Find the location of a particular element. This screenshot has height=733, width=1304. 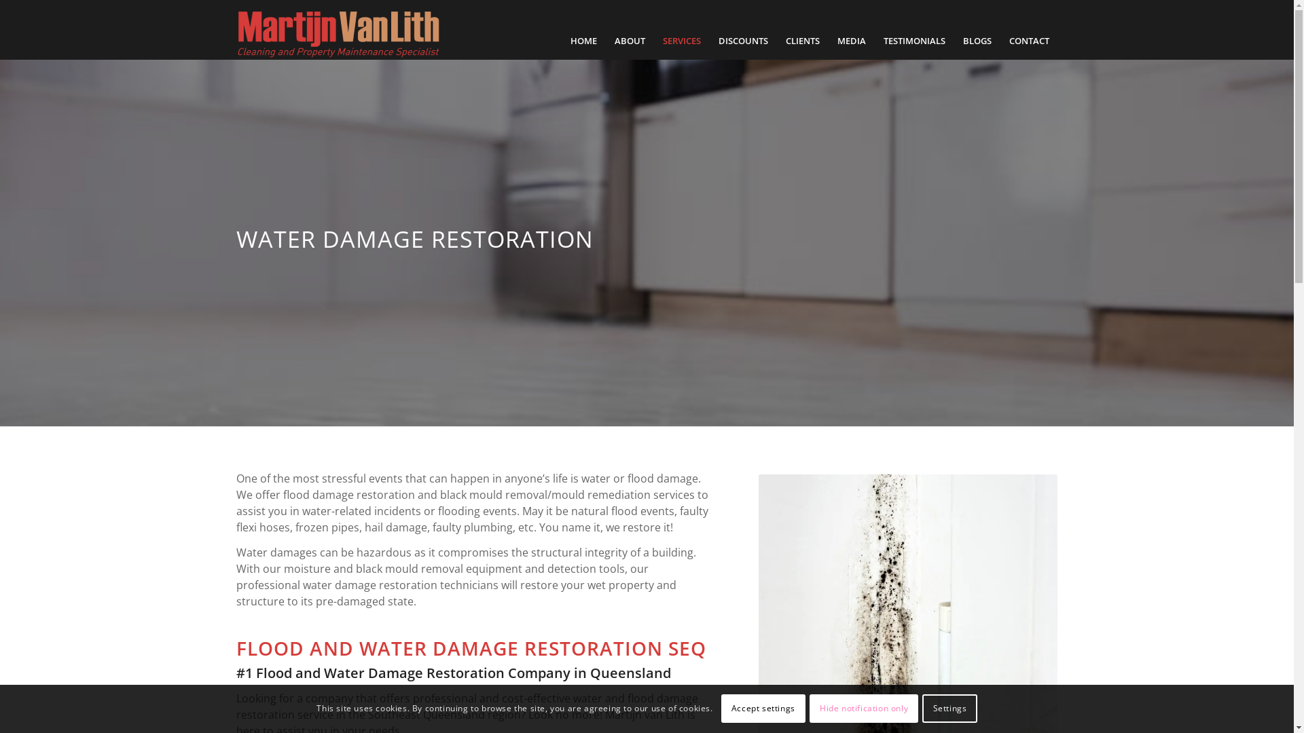

'TESTIMONIALS' is located at coordinates (914, 40).